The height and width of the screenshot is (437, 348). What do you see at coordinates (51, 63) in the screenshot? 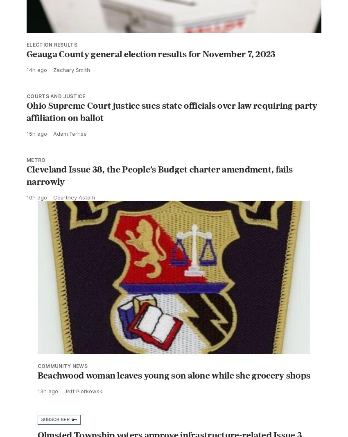
I see `'ELECTION RESULTS'` at bounding box center [51, 63].